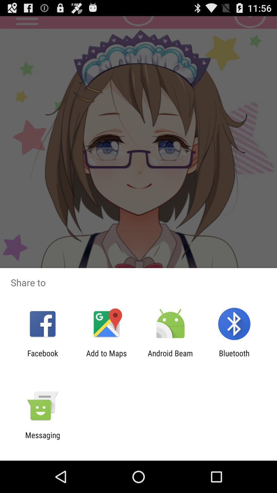 Image resolution: width=277 pixels, height=493 pixels. I want to click on bluetooth icon, so click(234, 357).